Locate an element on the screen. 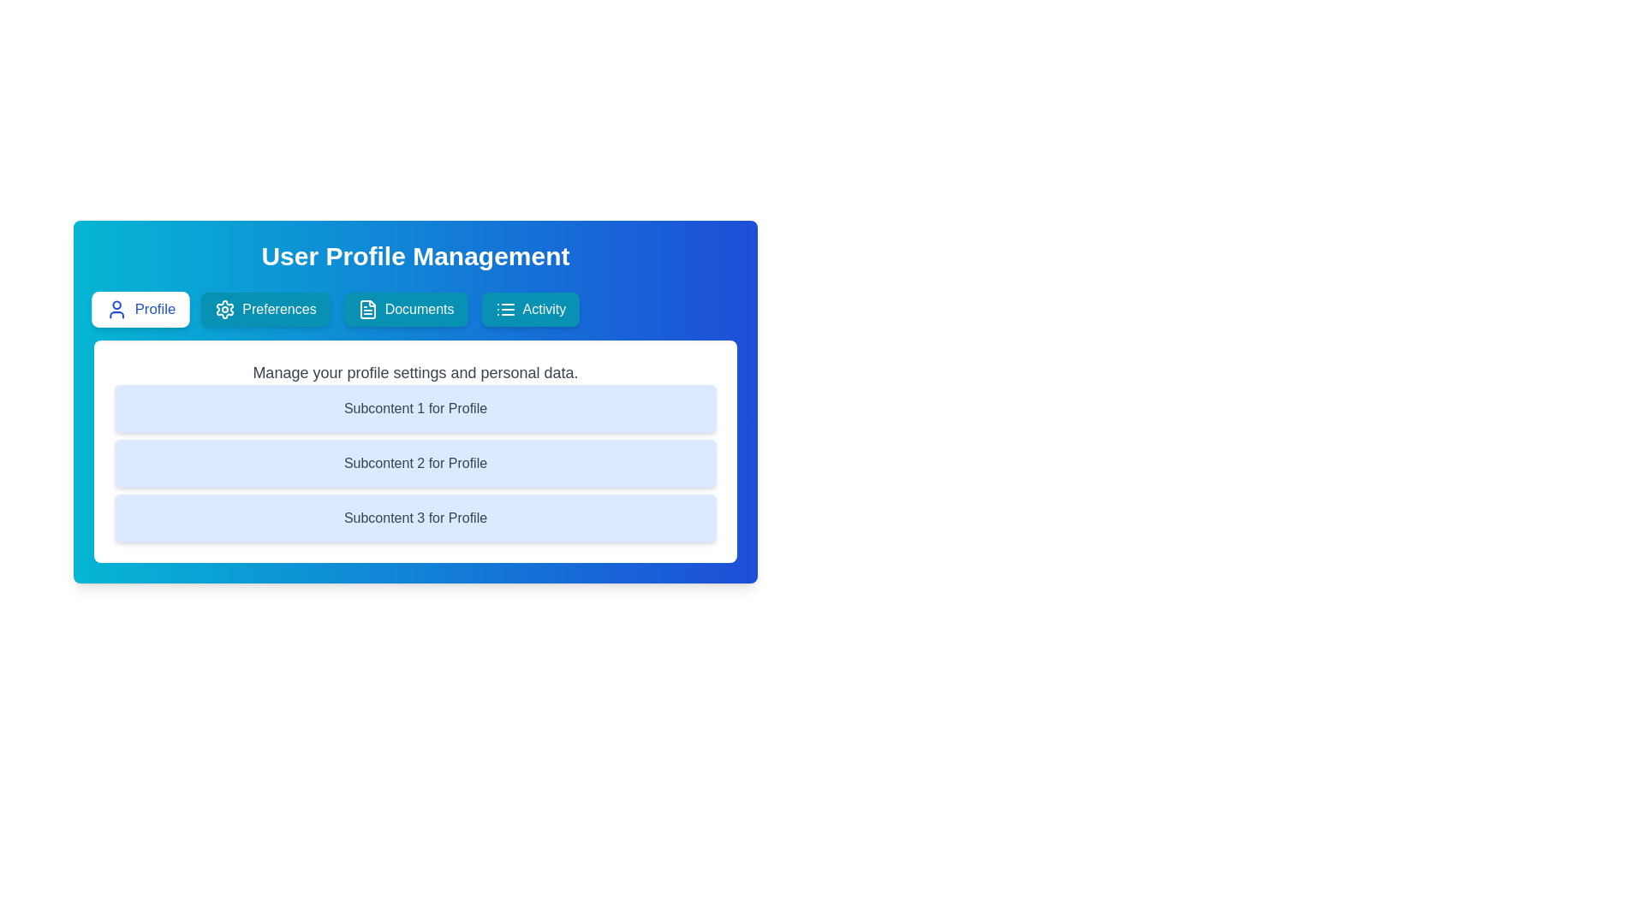  the 'Documents' tab button, which is the third button from the left in the navigation bar with a cyan background and a file icon is located at coordinates (415, 310).